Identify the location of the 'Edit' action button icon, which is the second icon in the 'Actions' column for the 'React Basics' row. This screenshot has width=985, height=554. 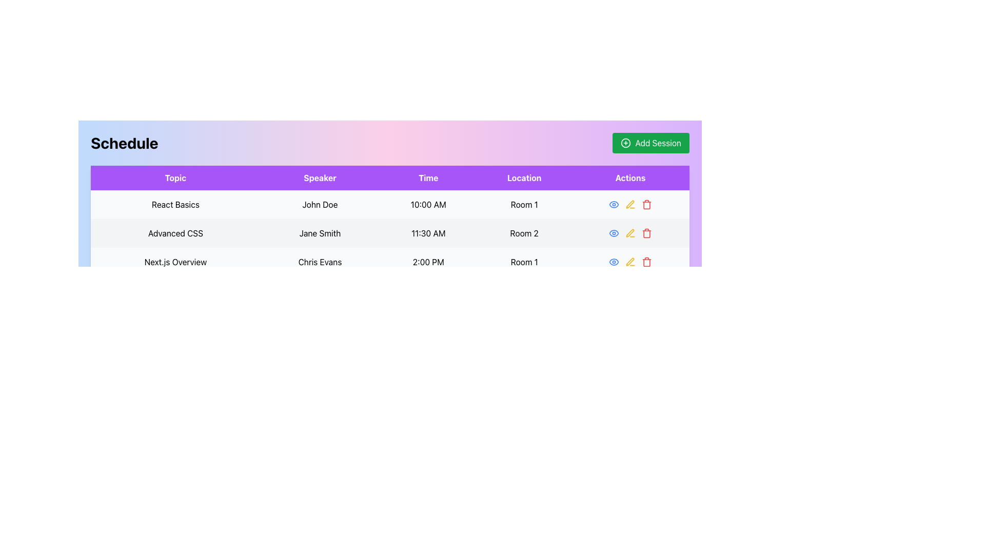
(629, 204).